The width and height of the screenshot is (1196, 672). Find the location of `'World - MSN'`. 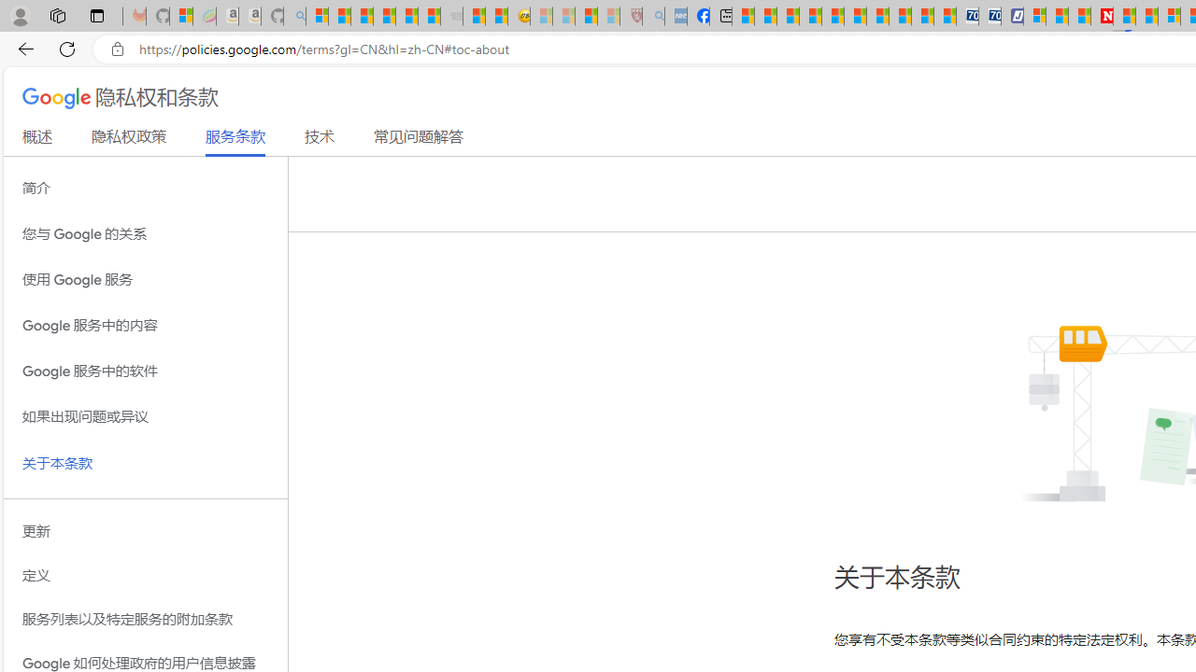

'World - MSN' is located at coordinates (788, 16).